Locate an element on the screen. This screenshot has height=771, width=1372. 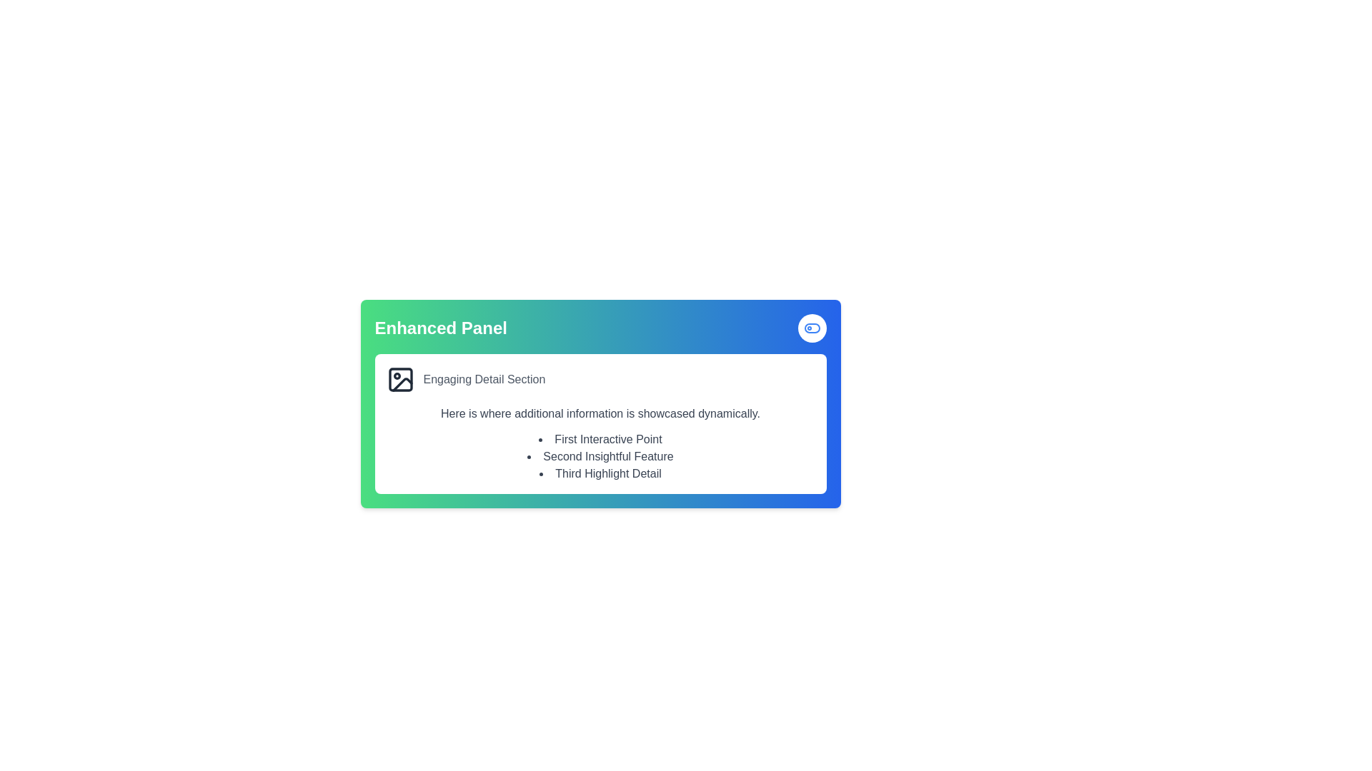
decorative icon representing the 'Engaging Detail Section' by using developer tools is located at coordinates (400, 379).